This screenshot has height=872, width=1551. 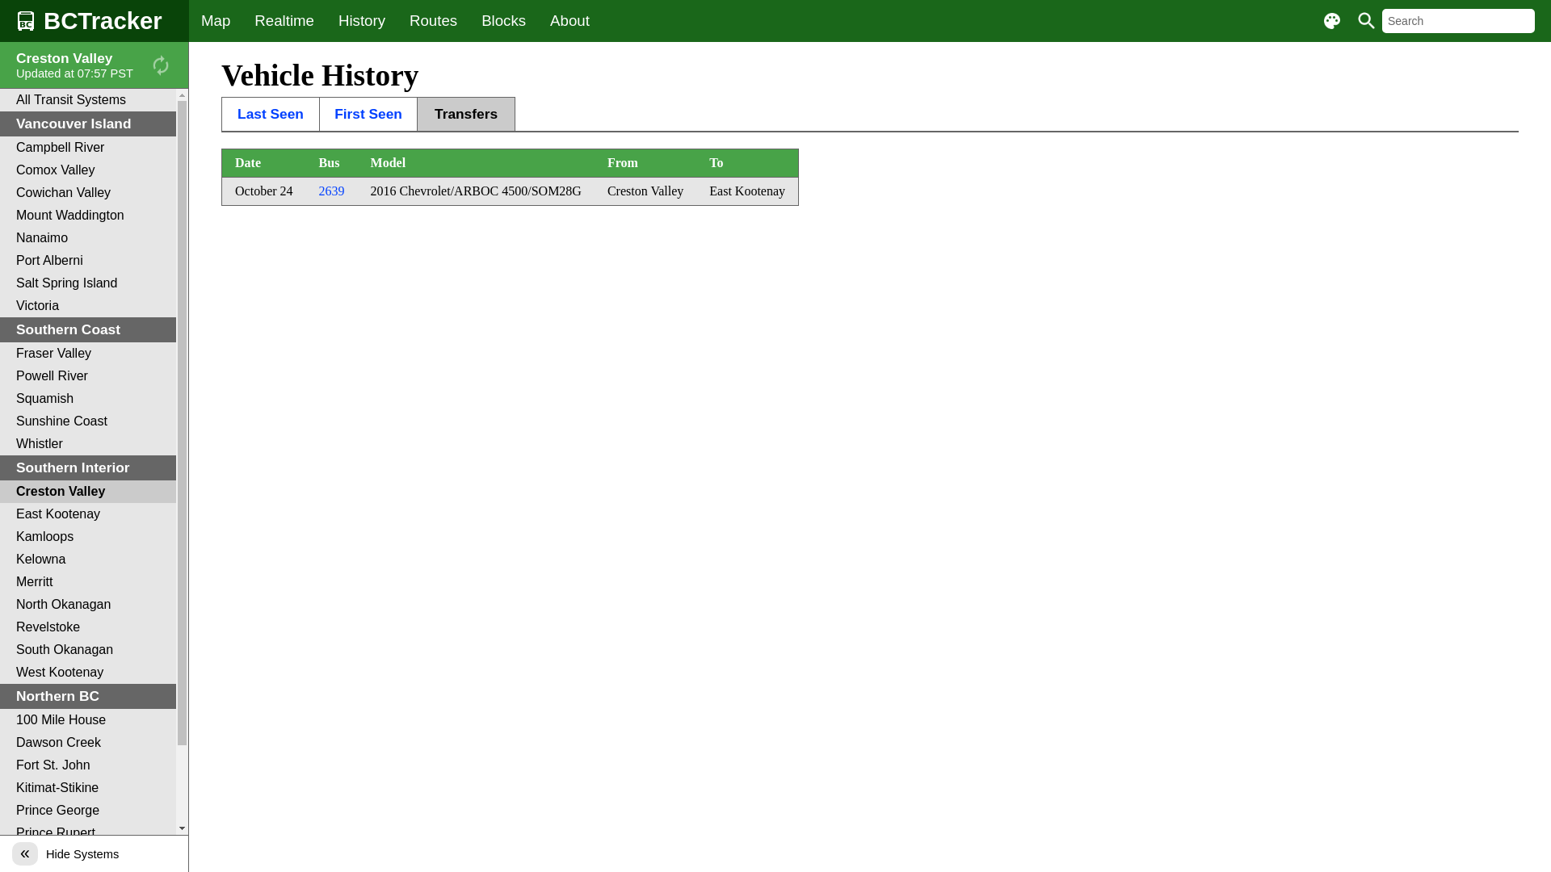 I want to click on 'Prince George', so click(x=87, y=810).